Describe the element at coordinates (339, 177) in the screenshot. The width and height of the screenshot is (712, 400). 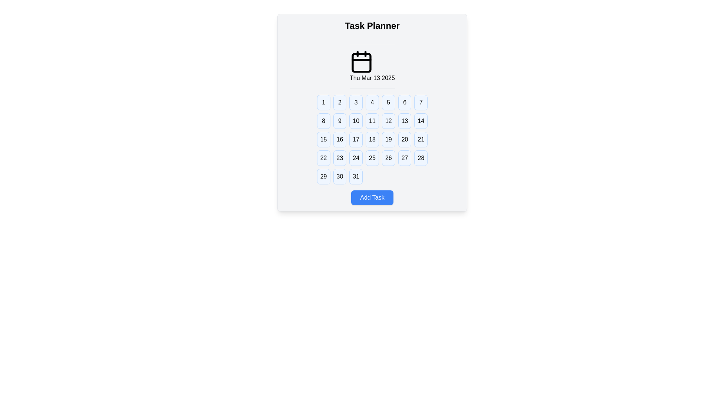
I see `the Calendar Date Item element displaying the number '30' in the calendar grid` at that location.